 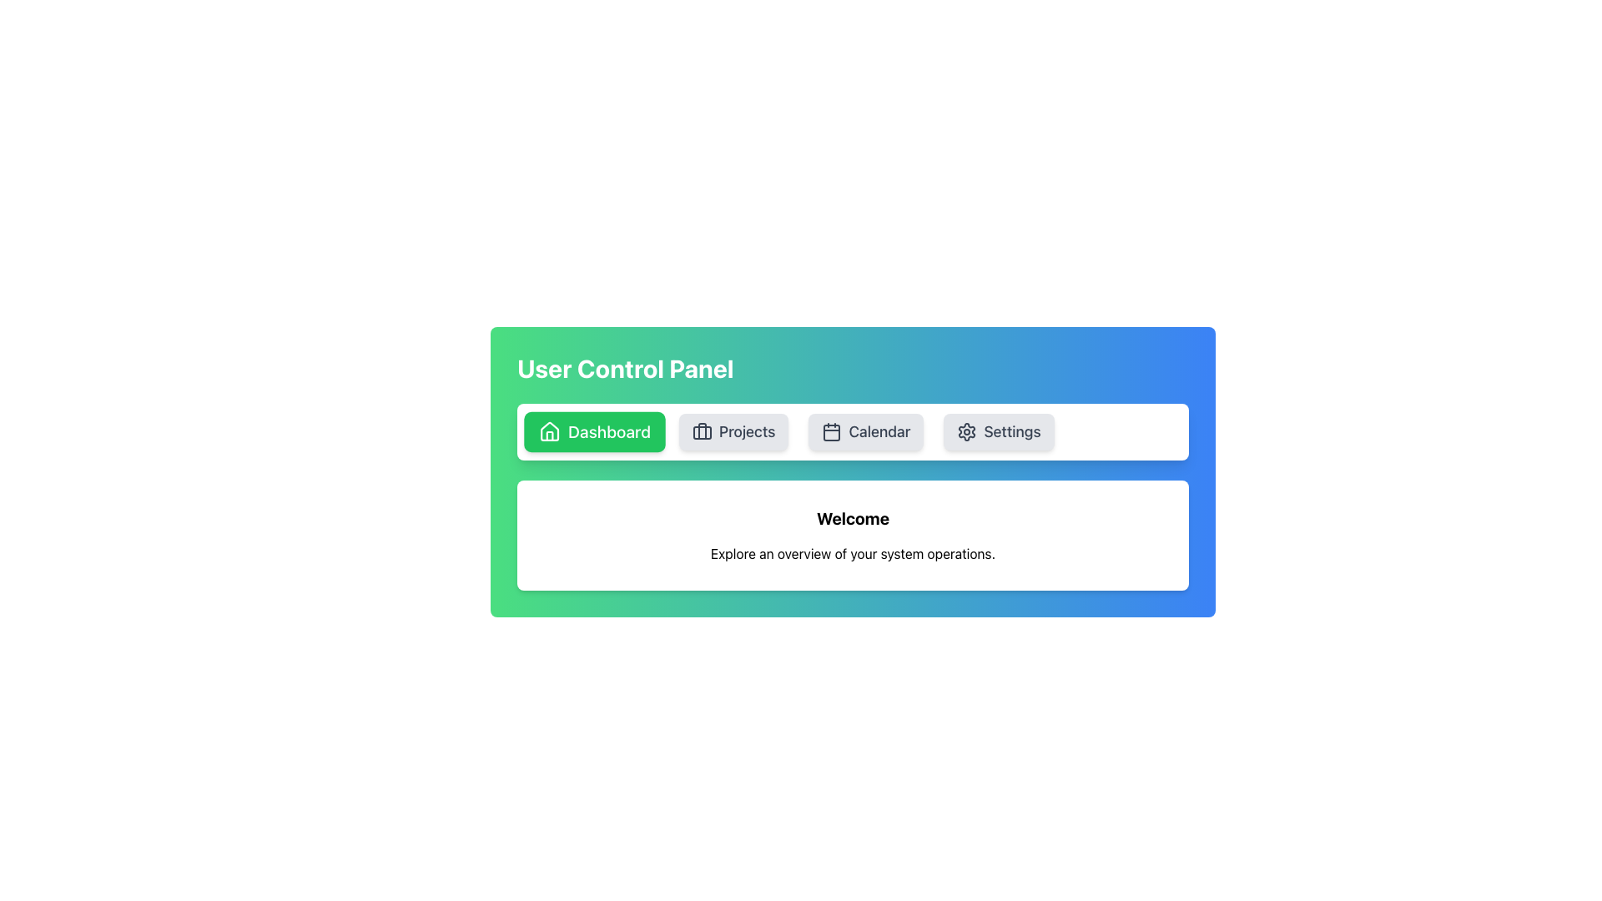 I want to click on the settings button located, so click(x=999, y=430).